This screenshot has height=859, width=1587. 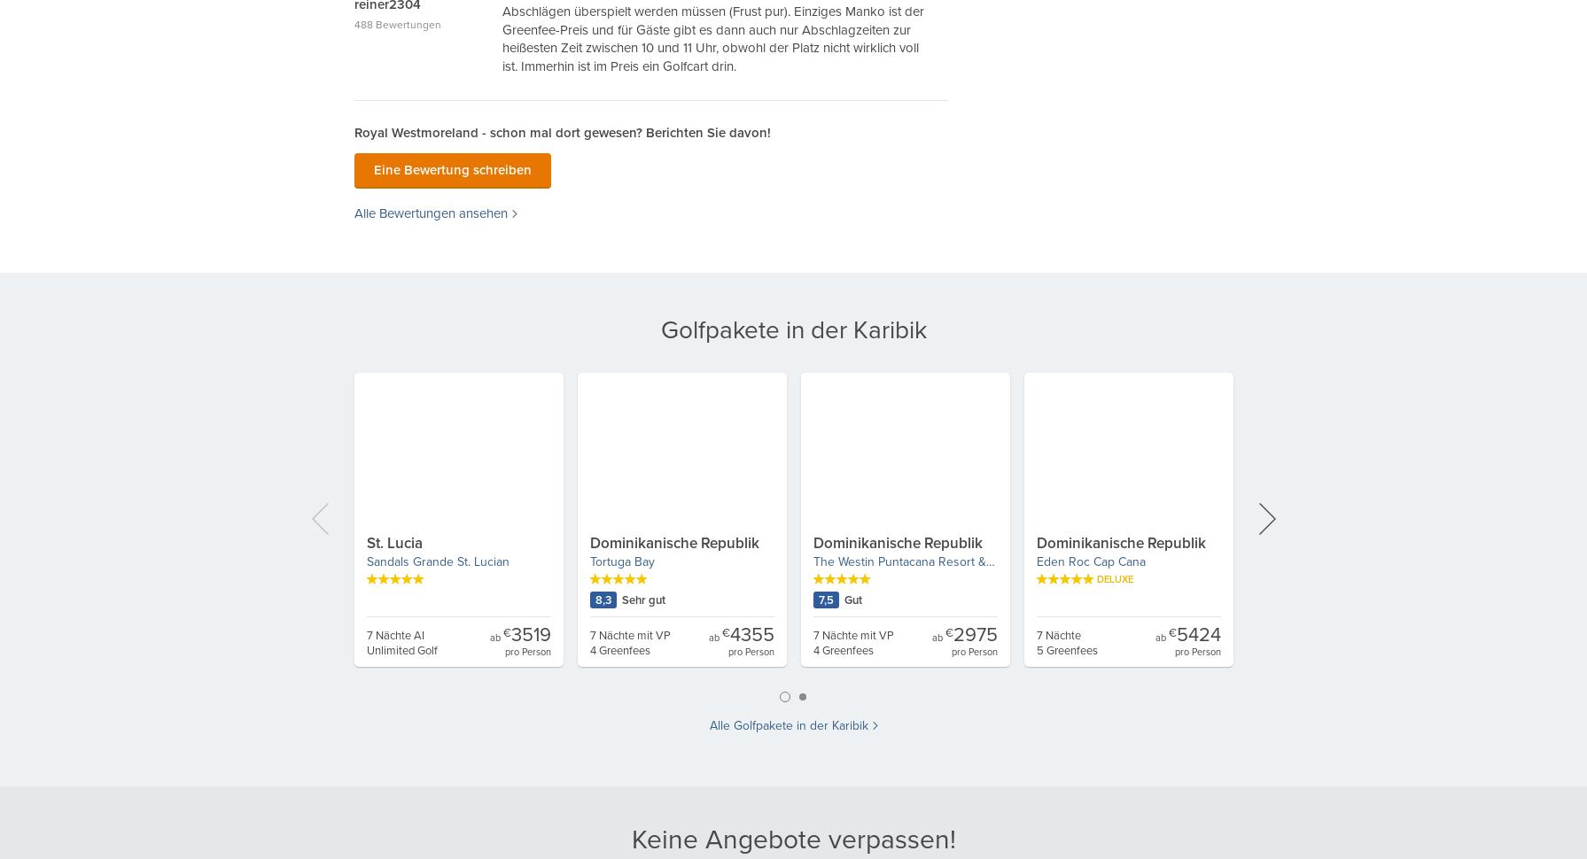 I want to click on 'Eine Bewertung schreiben', so click(x=373, y=168).